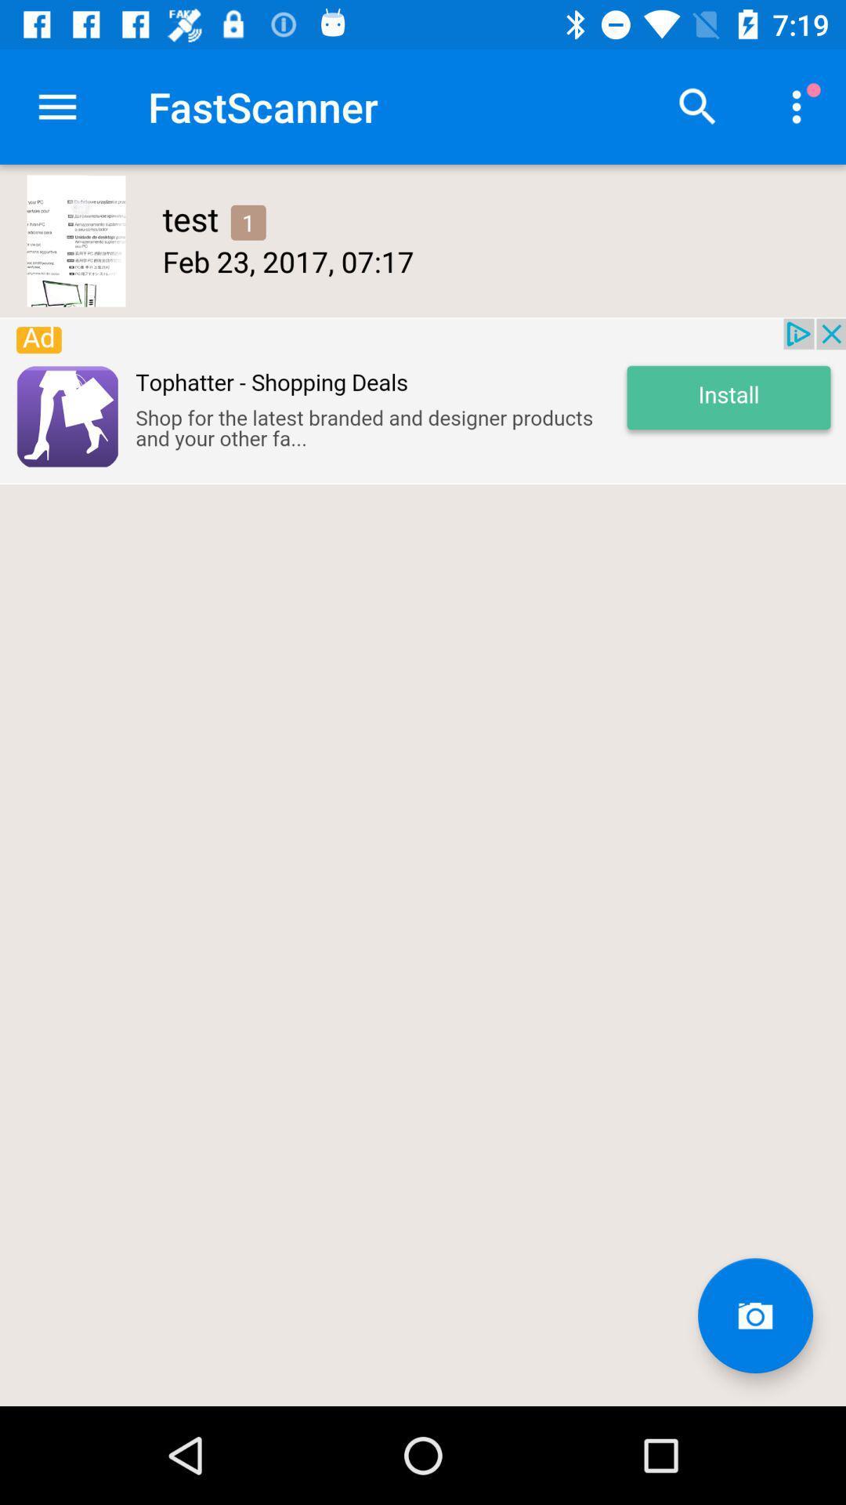 The width and height of the screenshot is (846, 1505). I want to click on search button, so click(697, 106).